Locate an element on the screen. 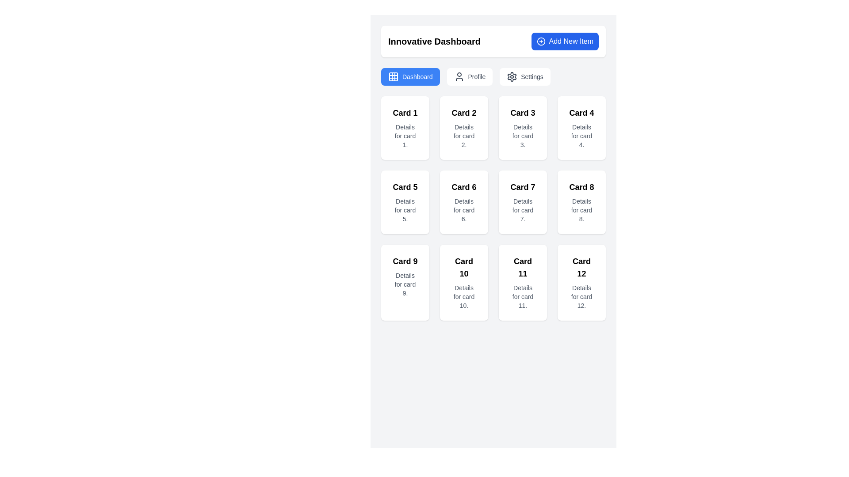 This screenshot has width=849, height=477. the 'Profile' text label located in the navigation bar, which provides contextual information about the user profile icon and is positioned between 'Dashboard' and 'Settings' is located at coordinates (476, 76).